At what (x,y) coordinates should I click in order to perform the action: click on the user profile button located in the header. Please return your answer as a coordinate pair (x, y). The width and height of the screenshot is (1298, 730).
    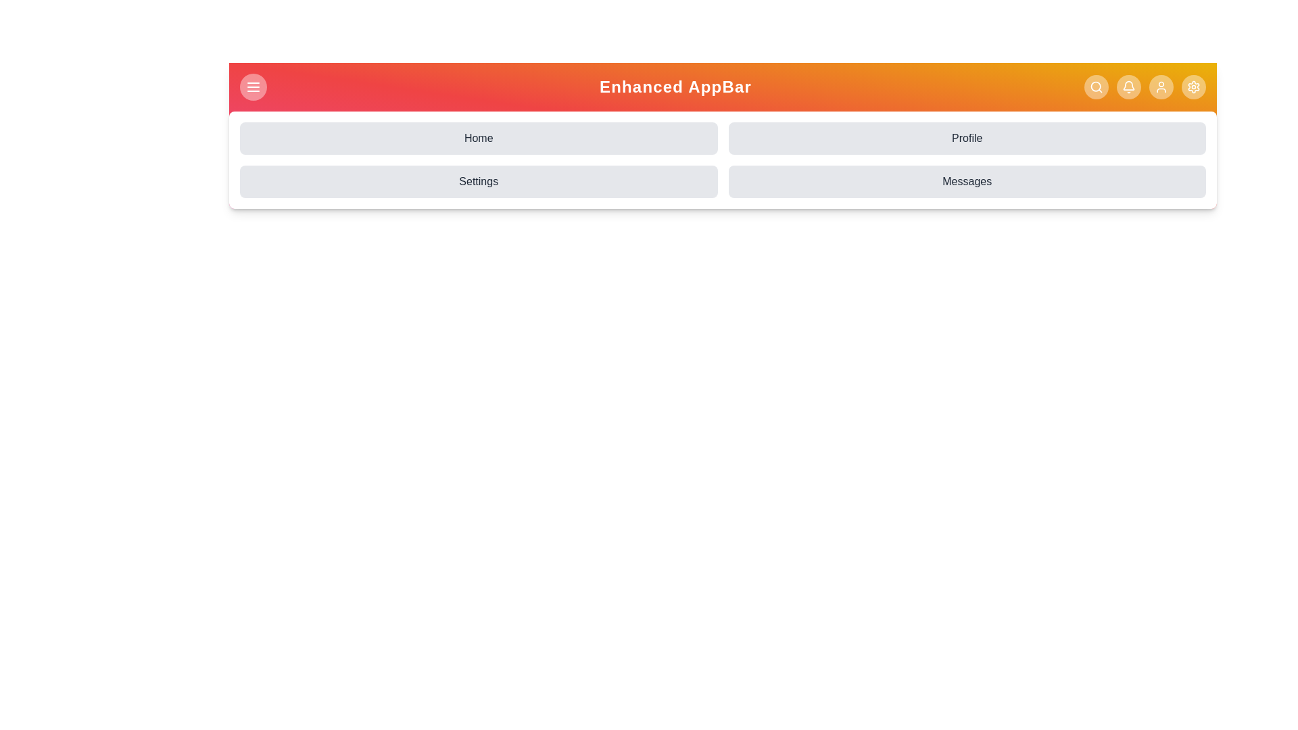
    Looking at the image, I should click on (1161, 87).